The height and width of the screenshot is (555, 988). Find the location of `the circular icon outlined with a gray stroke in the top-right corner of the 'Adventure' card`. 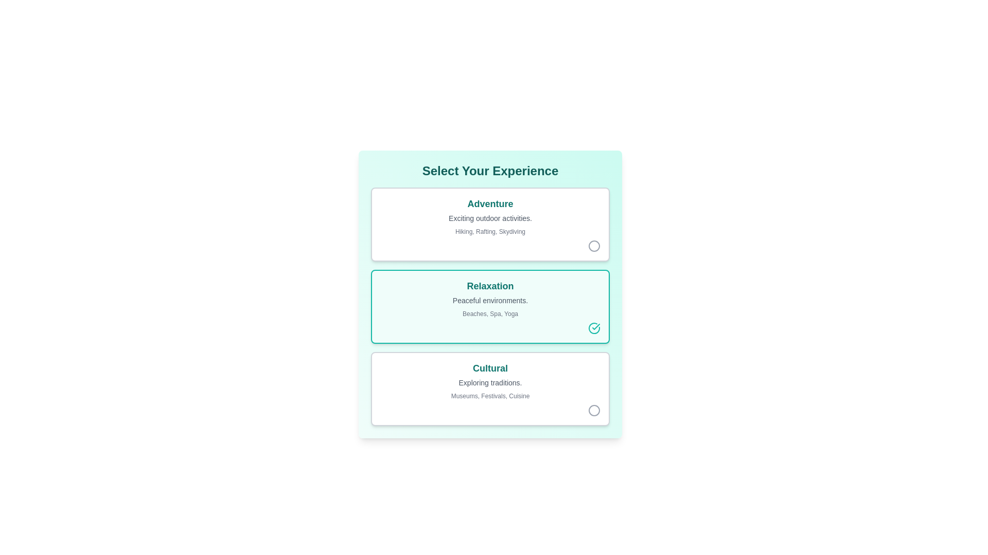

the circular icon outlined with a gray stroke in the top-right corner of the 'Adventure' card is located at coordinates (594, 246).